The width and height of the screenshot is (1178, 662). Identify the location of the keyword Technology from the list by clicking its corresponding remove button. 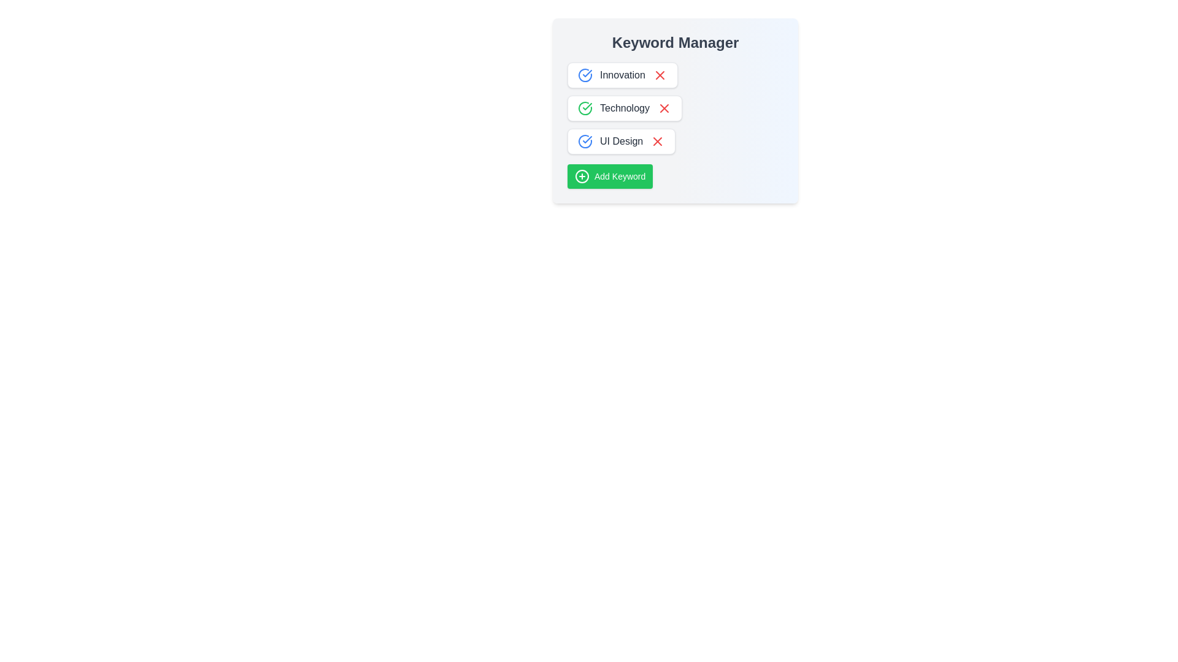
(663, 108).